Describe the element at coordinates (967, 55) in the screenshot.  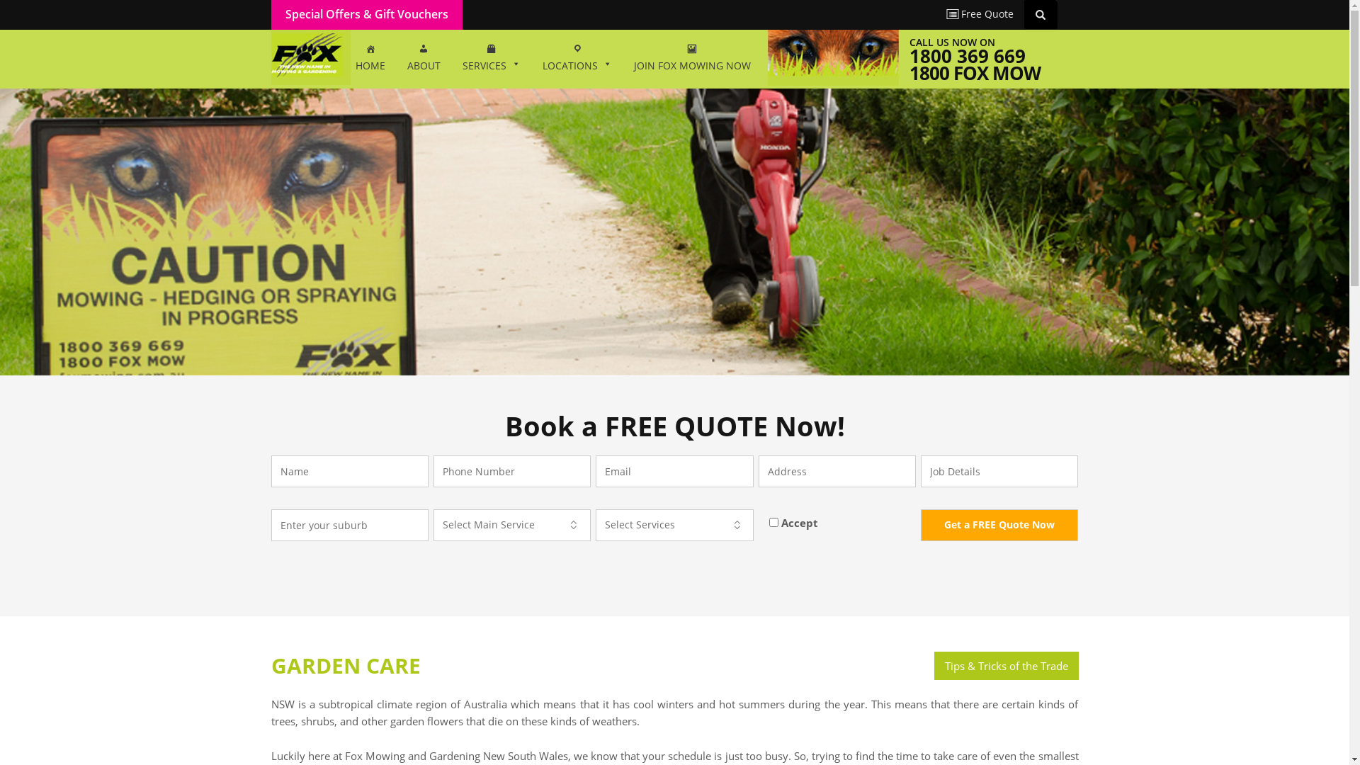
I see `'1800 369 669'` at that location.